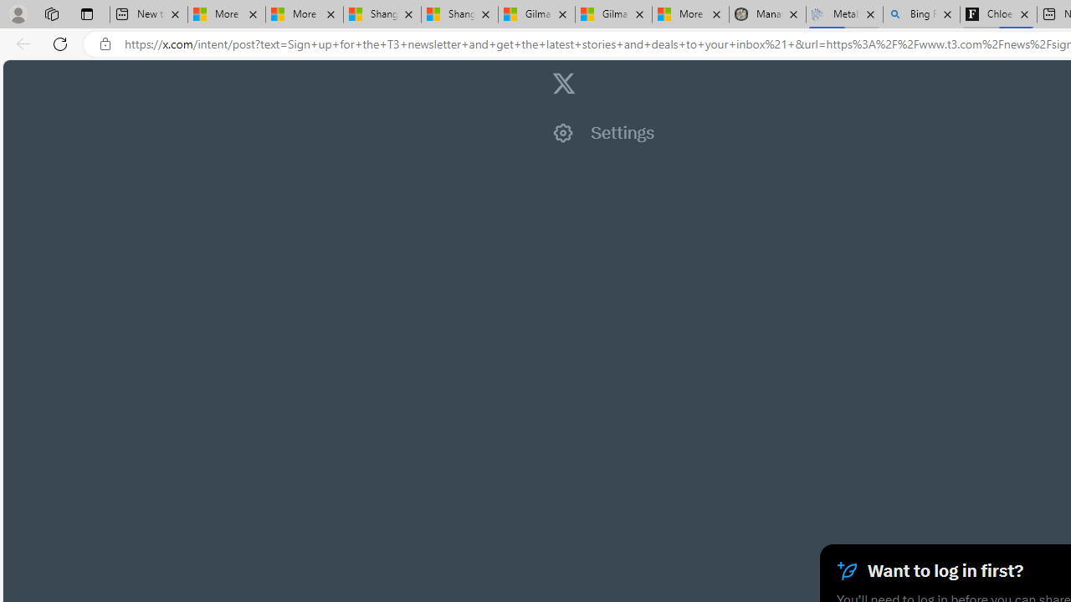 This screenshot has width=1071, height=602. Describe the element at coordinates (51, 13) in the screenshot. I see `'Workspaces'` at that location.